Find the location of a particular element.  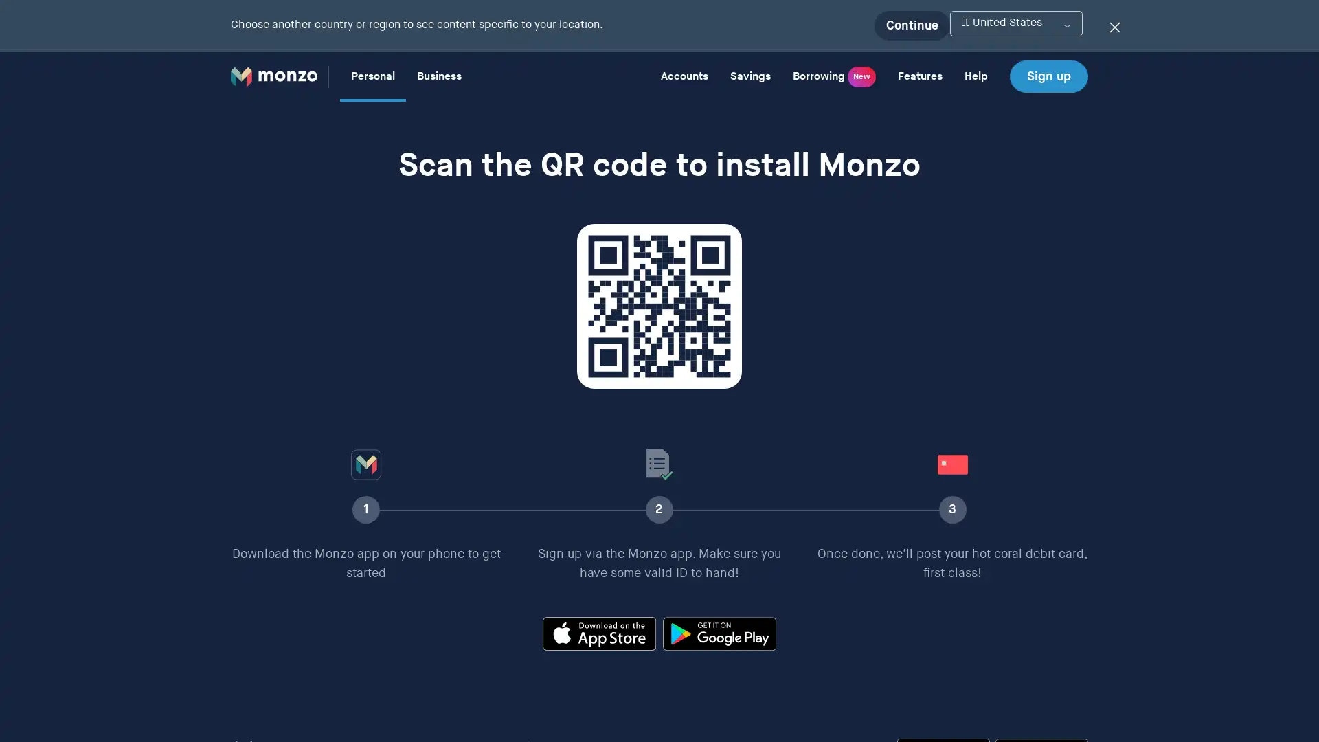

Savings is located at coordinates (749, 76).